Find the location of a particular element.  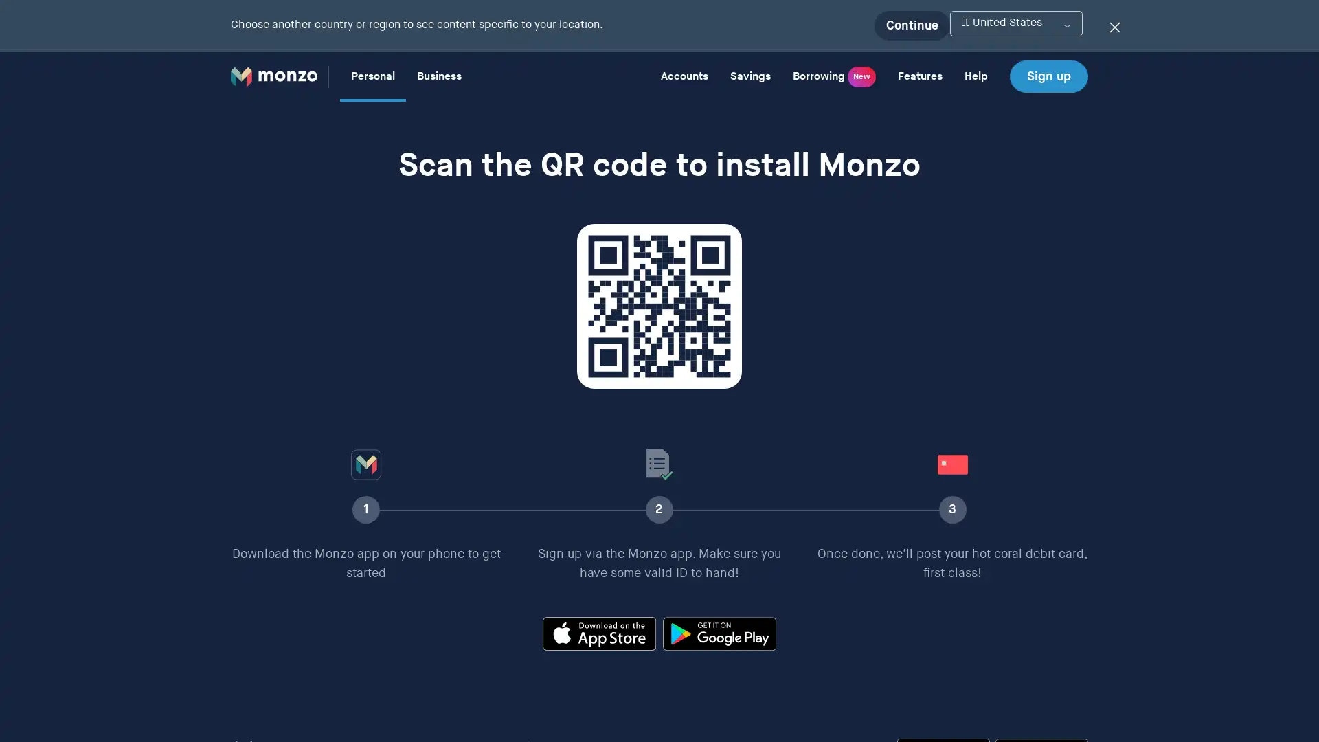

Savings is located at coordinates (749, 76).